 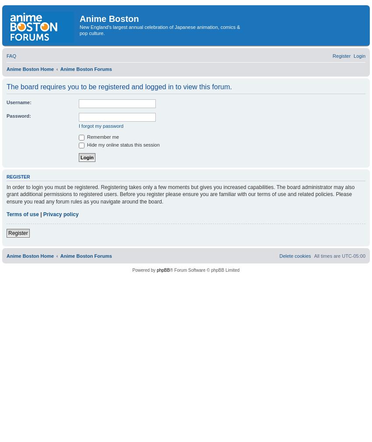 What do you see at coordinates (328, 255) in the screenshot?
I see `'All times are'` at bounding box center [328, 255].